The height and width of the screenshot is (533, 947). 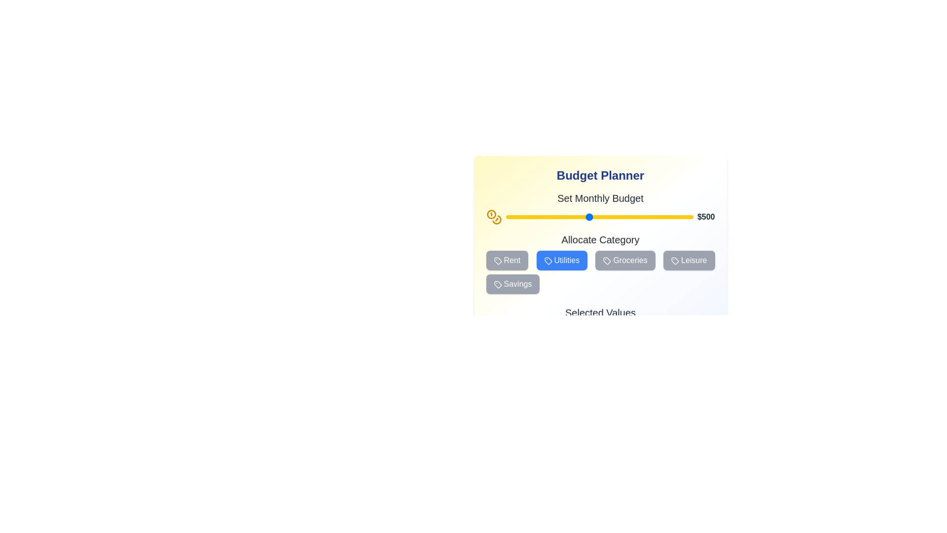 I want to click on the monthly budget, so click(x=685, y=216).